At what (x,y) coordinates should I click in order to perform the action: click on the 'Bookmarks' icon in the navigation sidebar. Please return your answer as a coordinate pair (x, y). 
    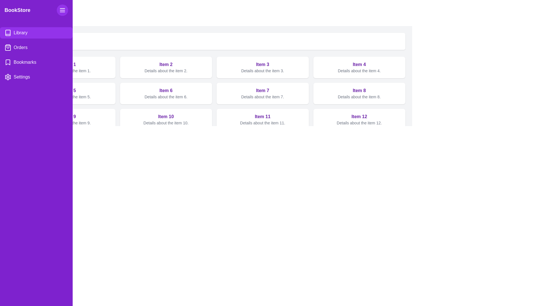
    Looking at the image, I should click on (8, 62).